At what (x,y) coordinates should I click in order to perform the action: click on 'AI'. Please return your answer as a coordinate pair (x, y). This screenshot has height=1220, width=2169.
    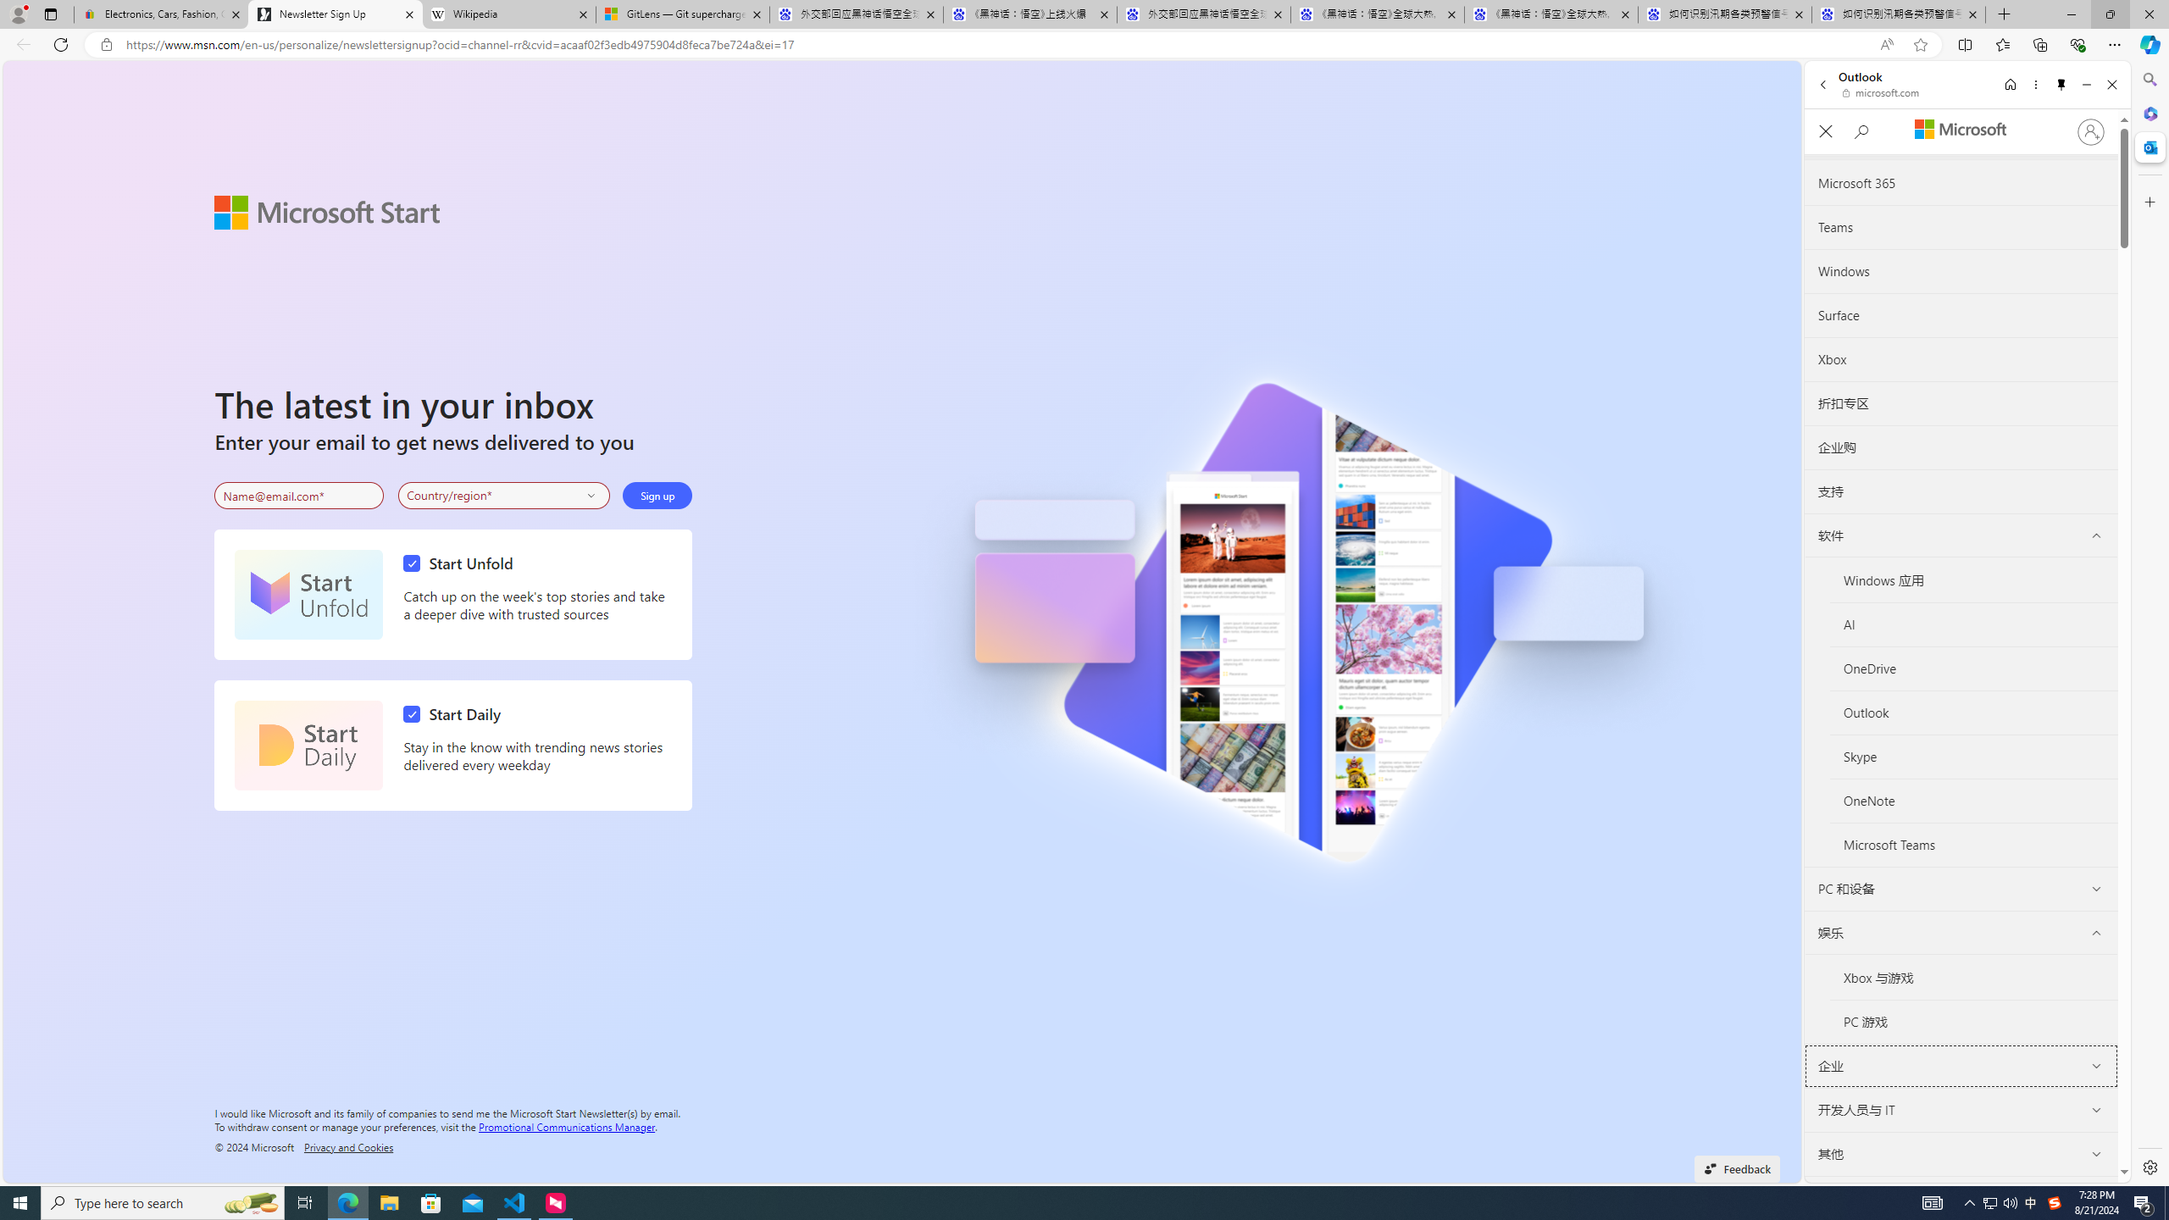
    Looking at the image, I should click on (1972, 624).